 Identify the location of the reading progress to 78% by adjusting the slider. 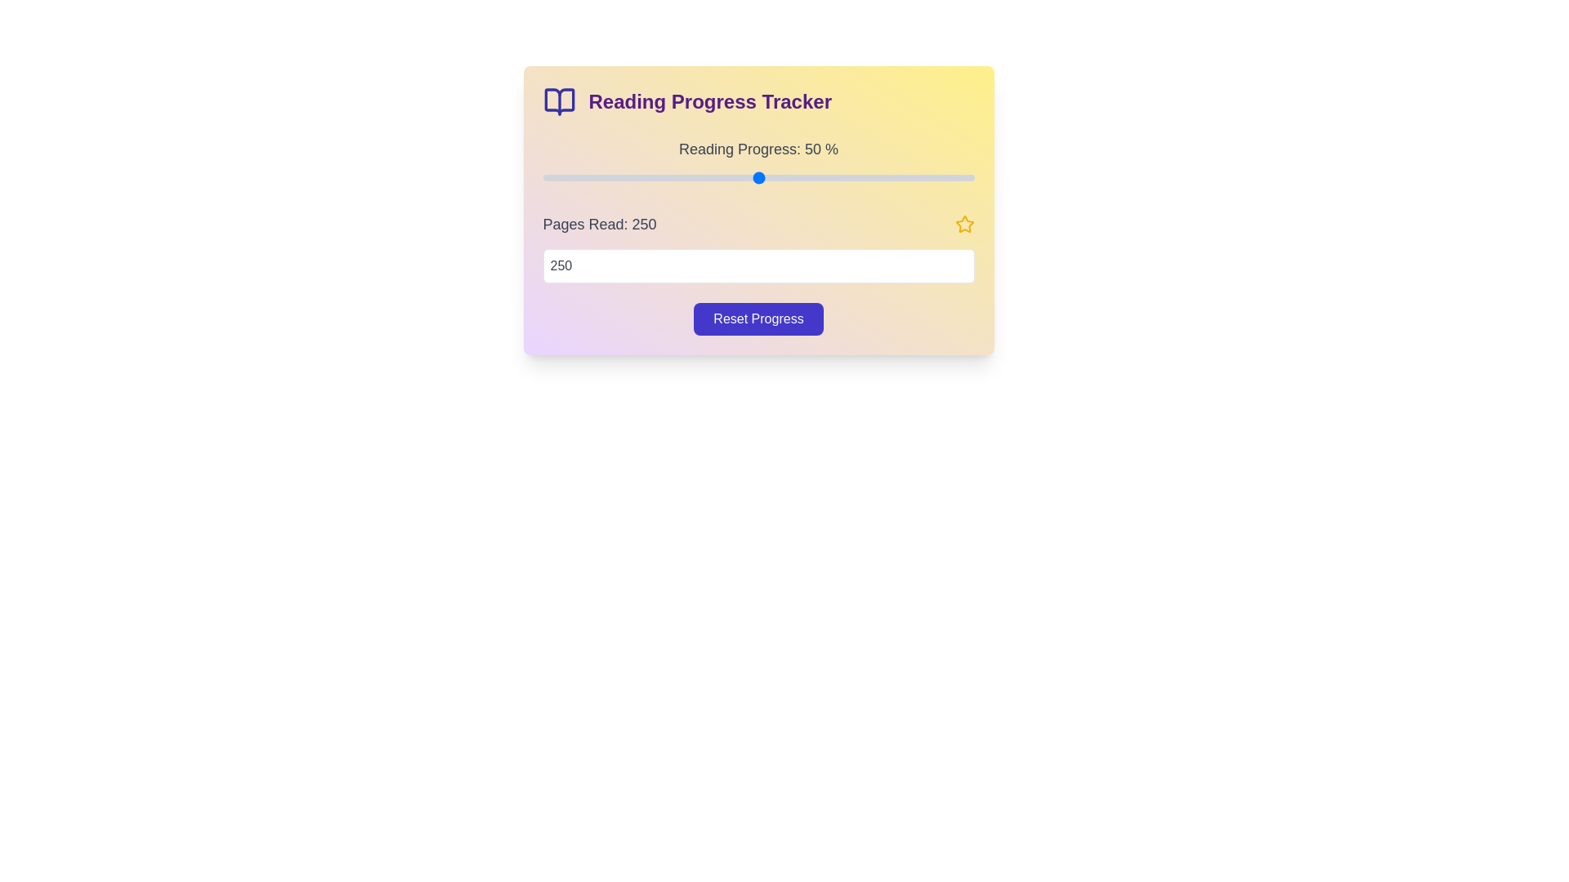
(878, 178).